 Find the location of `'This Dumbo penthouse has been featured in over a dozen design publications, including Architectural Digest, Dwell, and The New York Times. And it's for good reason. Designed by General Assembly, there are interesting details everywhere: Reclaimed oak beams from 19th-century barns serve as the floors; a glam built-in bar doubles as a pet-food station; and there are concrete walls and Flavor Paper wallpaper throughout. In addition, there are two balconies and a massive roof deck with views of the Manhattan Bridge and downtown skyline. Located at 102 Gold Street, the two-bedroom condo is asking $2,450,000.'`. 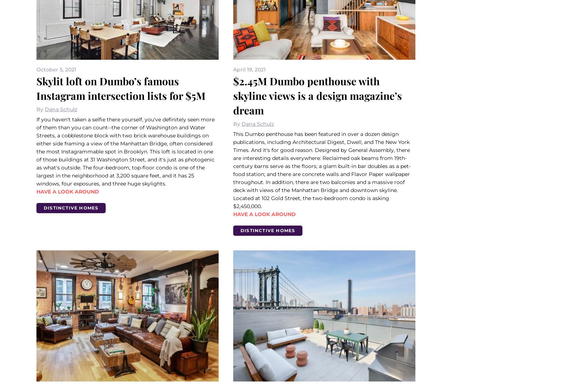

'This Dumbo penthouse has been featured in over a dozen design publications, including Architectural Digest, Dwell, and The New York Times. And it's for good reason. Designed by General Assembly, there are interesting details everywhere: Reclaimed oak beams from 19th-century barns serve as the floors; a glam built-in bar doubles as a pet-food station; and there are concrete walls and Flavor Paper wallpaper throughout. In addition, there are two balconies and a massive roof deck with views of the Manhattan Bridge and downtown skyline. Located at 102 Gold Street, the two-bedroom condo is asking $2,450,000.' is located at coordinates (321, 169).